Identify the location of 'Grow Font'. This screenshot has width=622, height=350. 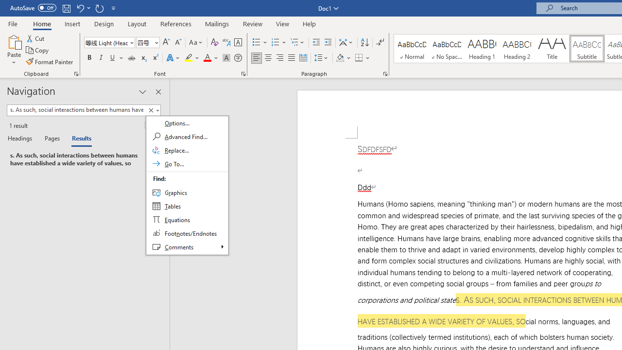
(166, 42).